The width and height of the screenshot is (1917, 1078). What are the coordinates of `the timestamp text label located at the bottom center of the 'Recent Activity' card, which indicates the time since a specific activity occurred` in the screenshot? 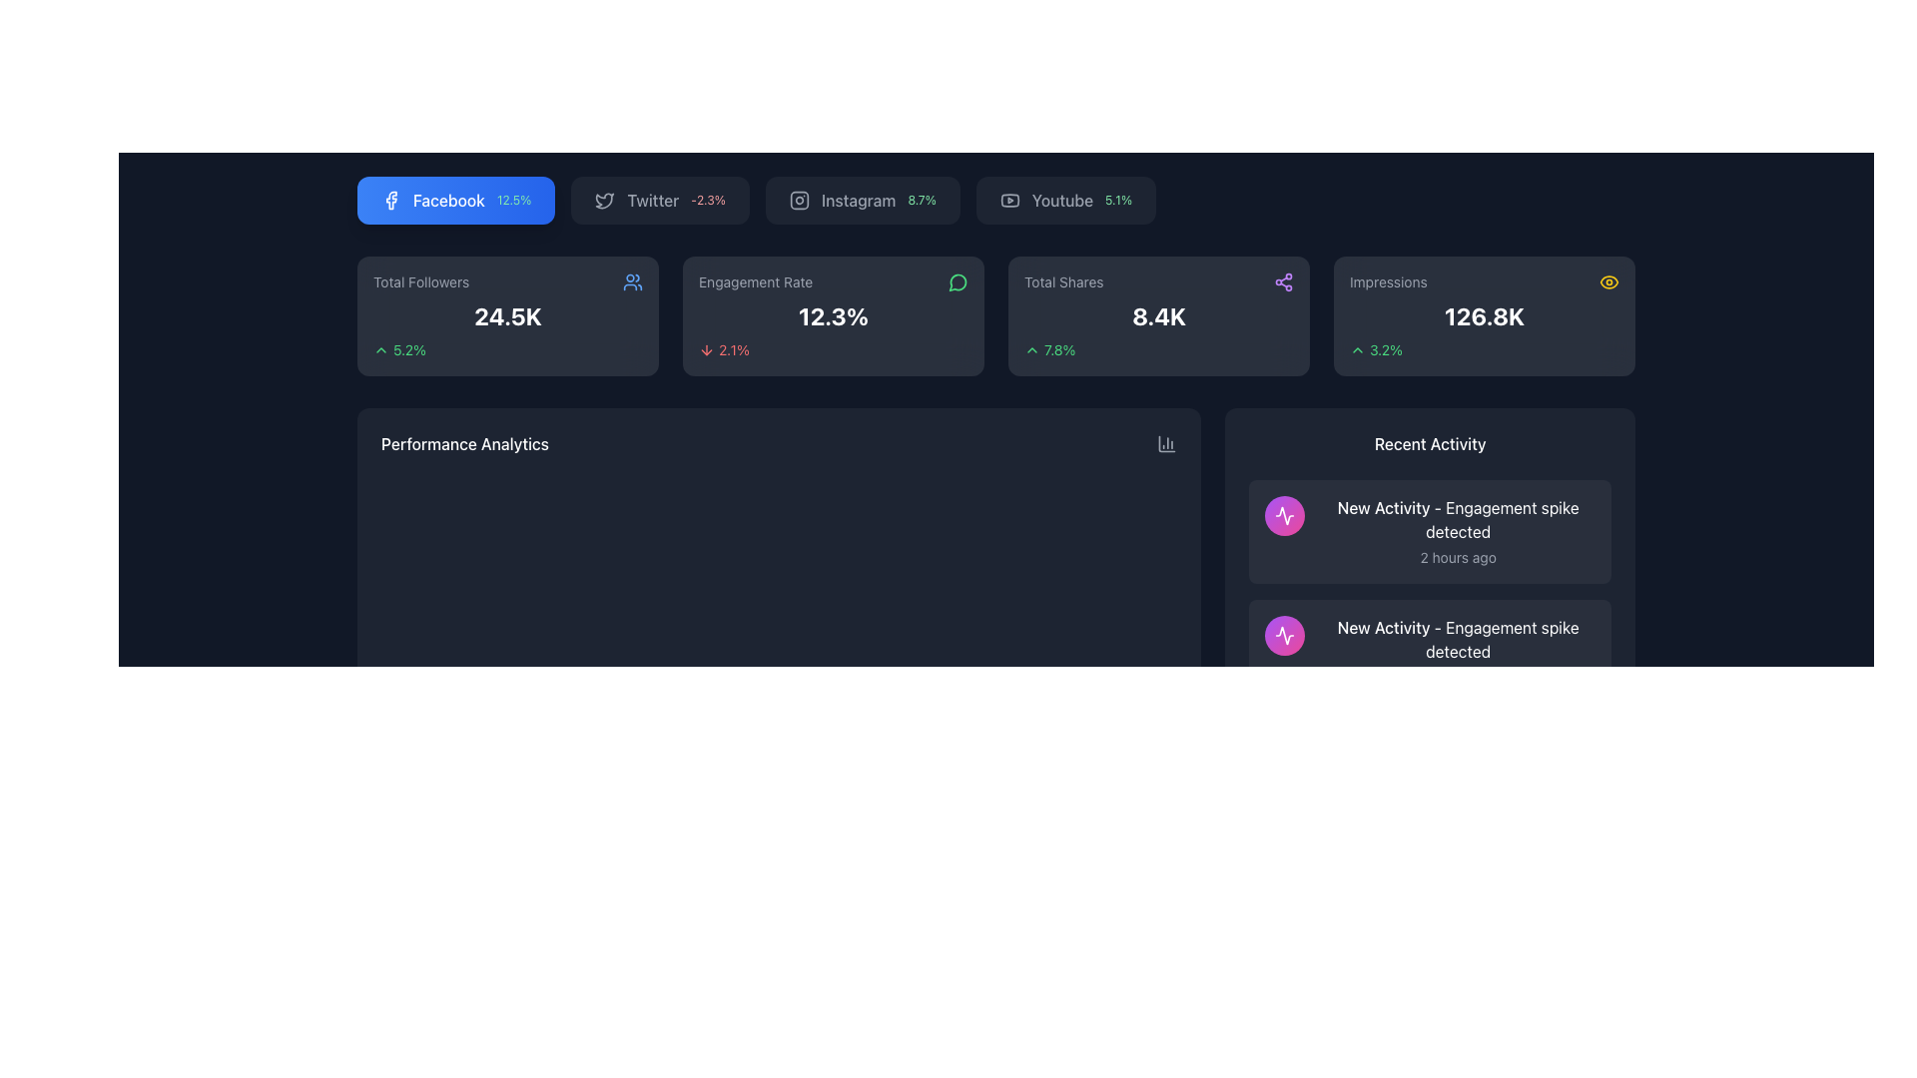 It's located at (1458, 558).